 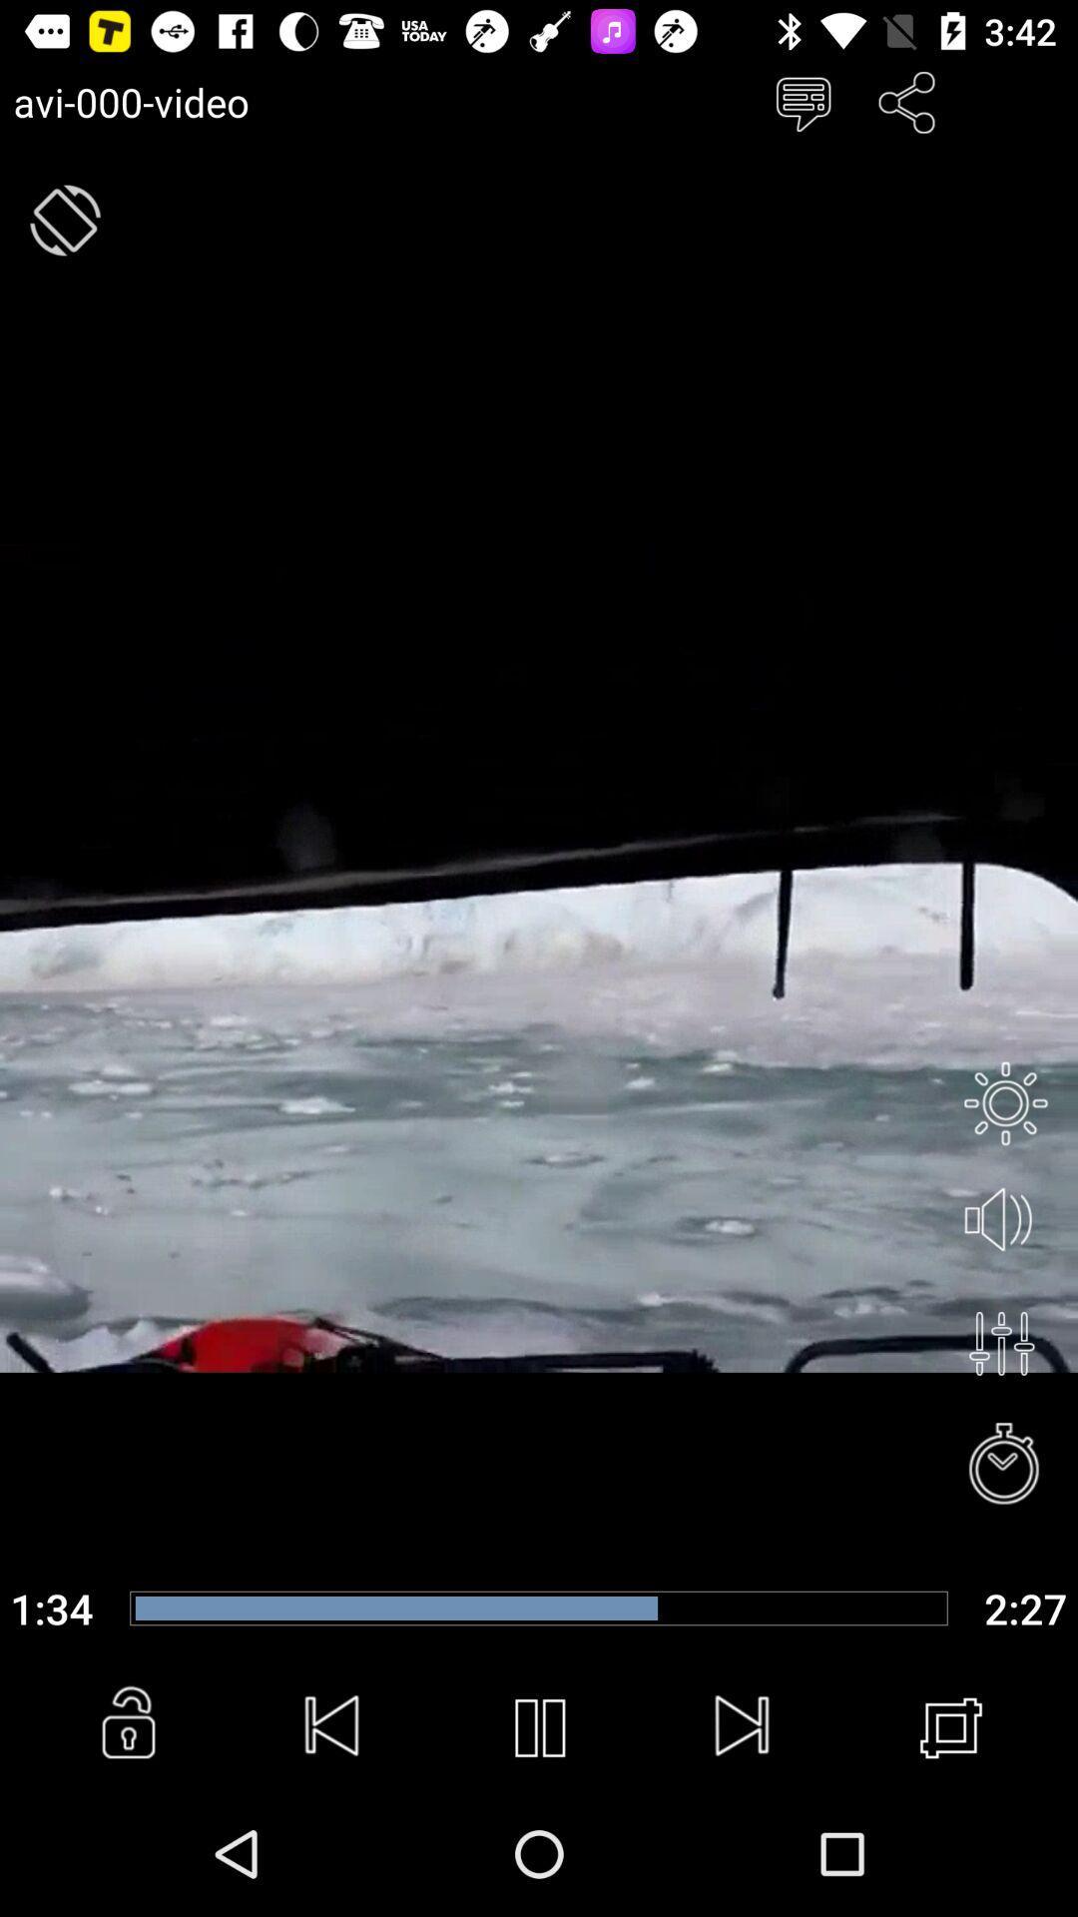 I want to click on audio, so click(x=1005, y=1220).